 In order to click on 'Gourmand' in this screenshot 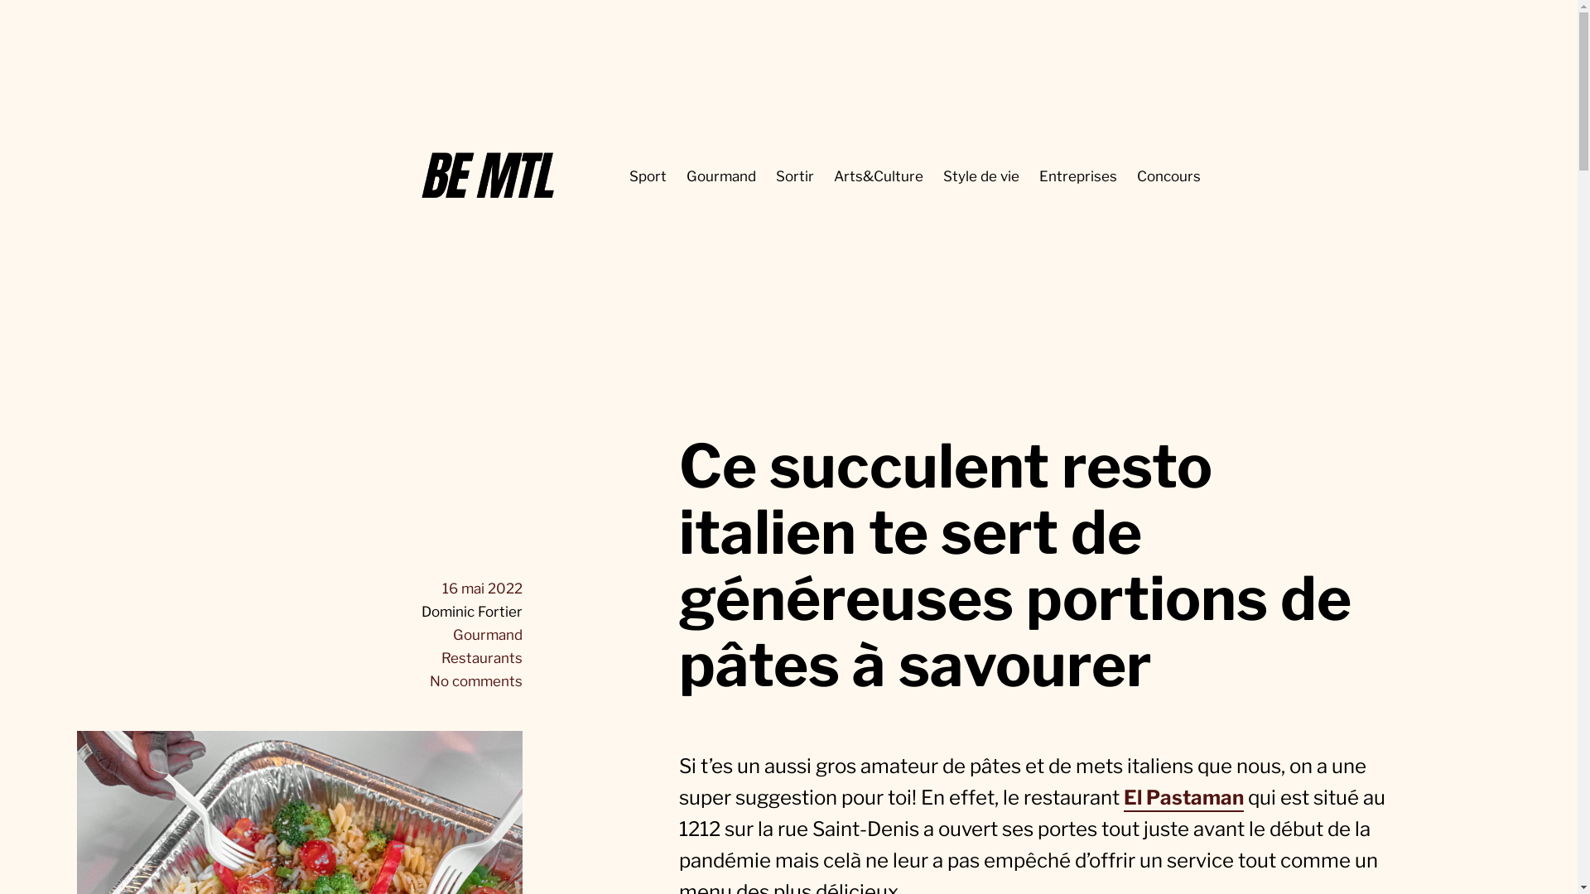, I will do `click(487, 634)`.